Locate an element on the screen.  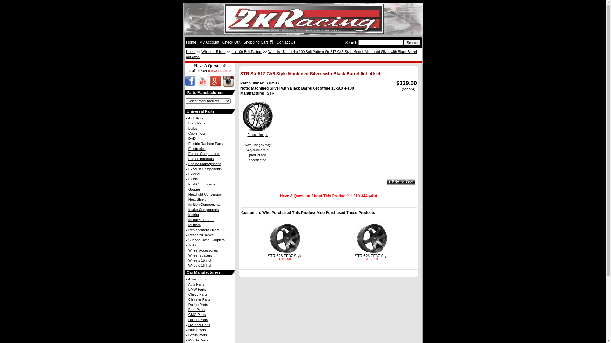
'Engine Internals' is located at coordinates (201, 158).